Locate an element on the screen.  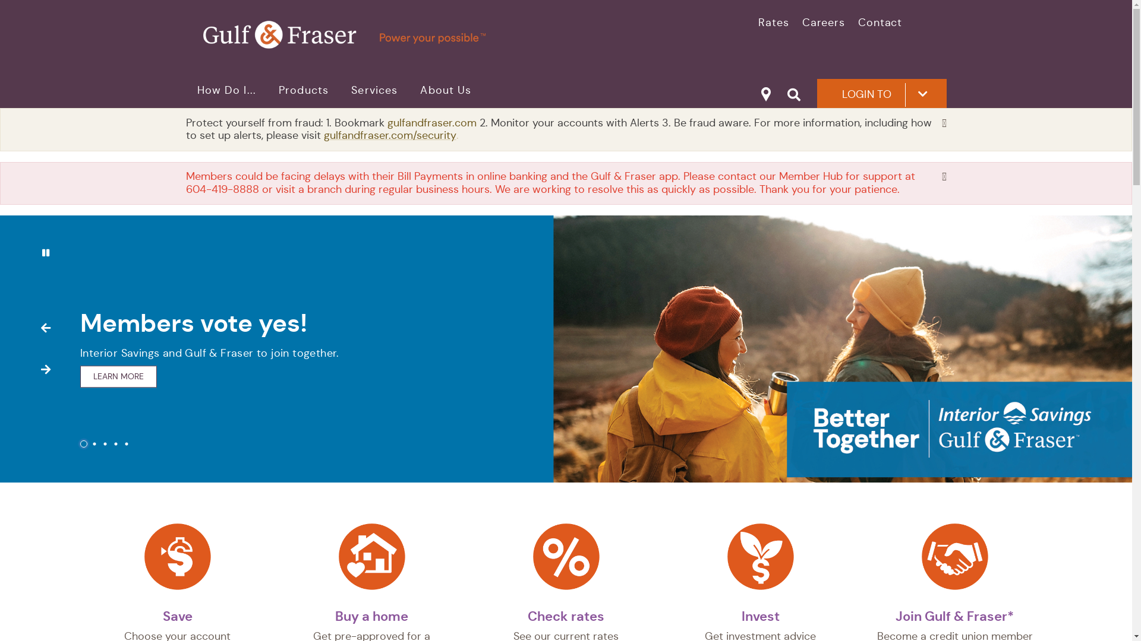
'Dismiss' is located at coordinates (943, 177).